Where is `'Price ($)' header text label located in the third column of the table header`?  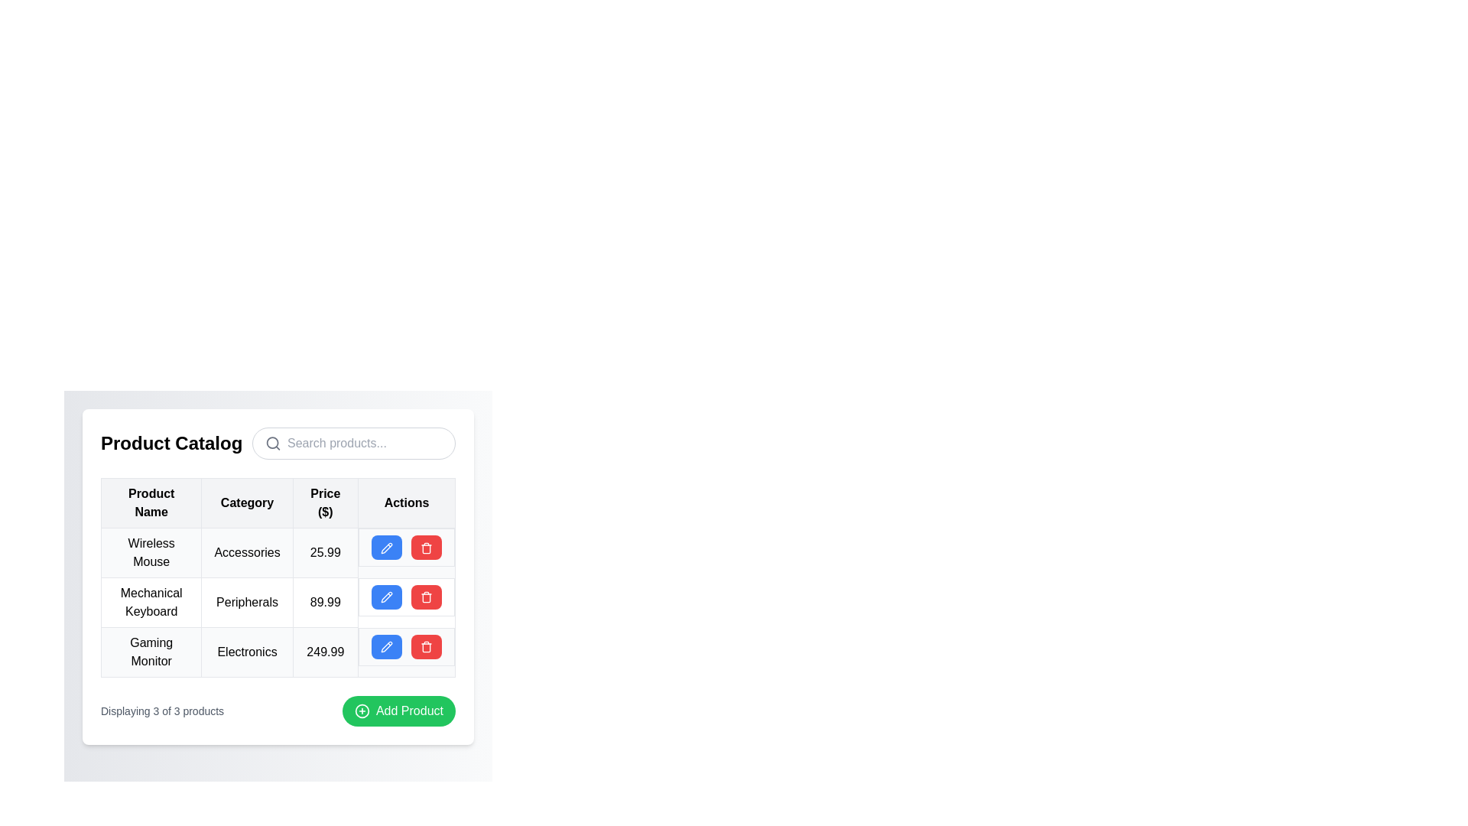 'Price ($)' header text label located in the third column of the table header is located at coordinates (324, 503).